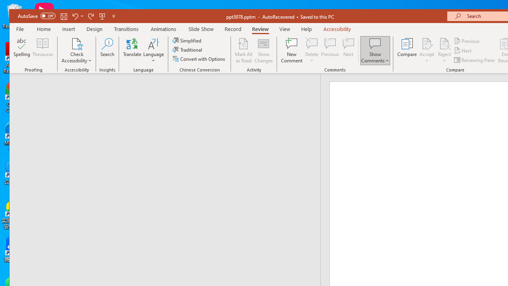 Image resolution: width=508 pixels, height=286 pixels. What do you see at coordinates (91, 16) in the screenshot?
I see `'Redo'` at bounding box center [91, 16].